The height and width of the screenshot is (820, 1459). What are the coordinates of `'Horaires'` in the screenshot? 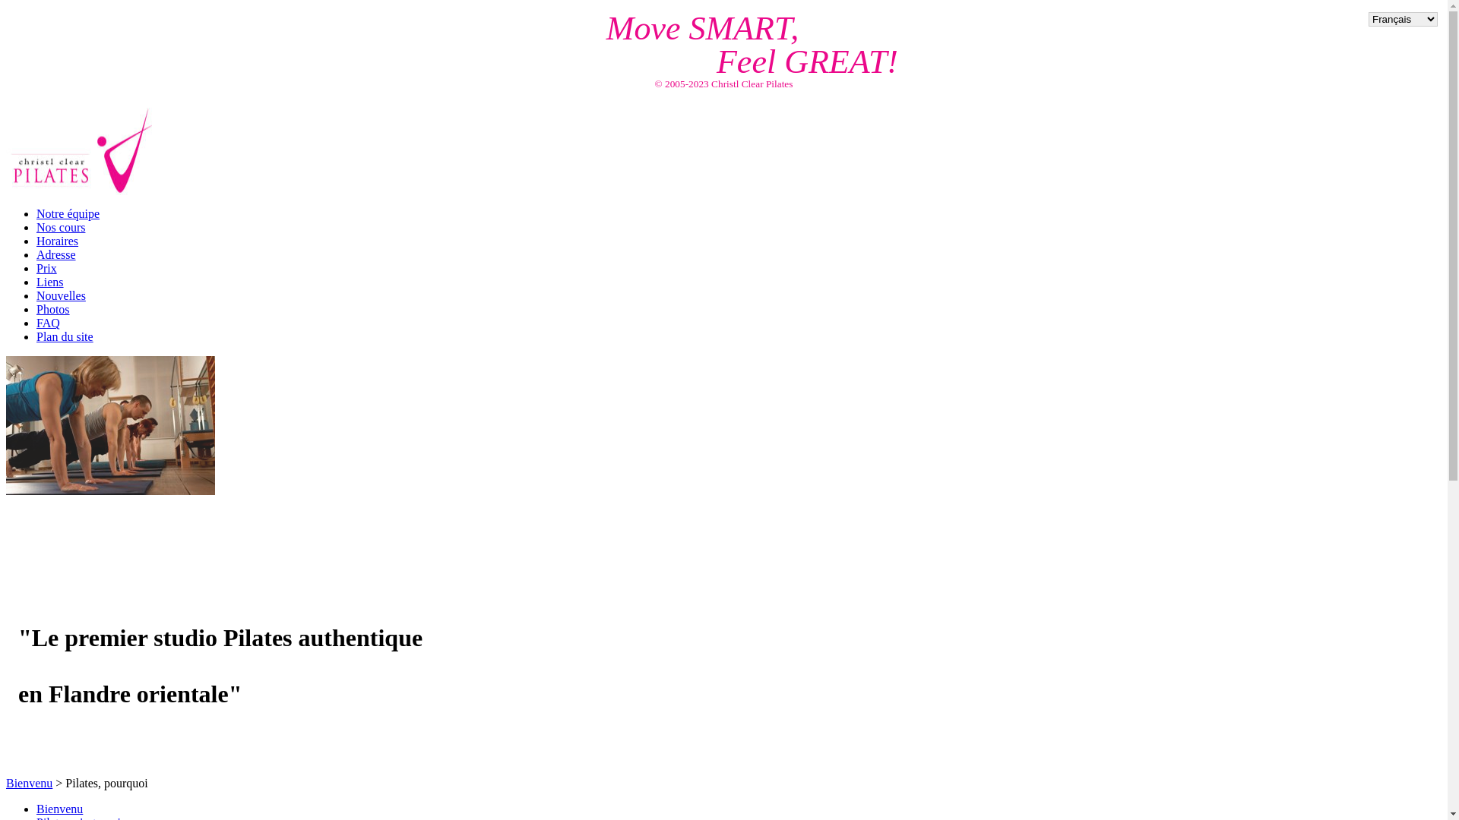 It's located at (57, 240).